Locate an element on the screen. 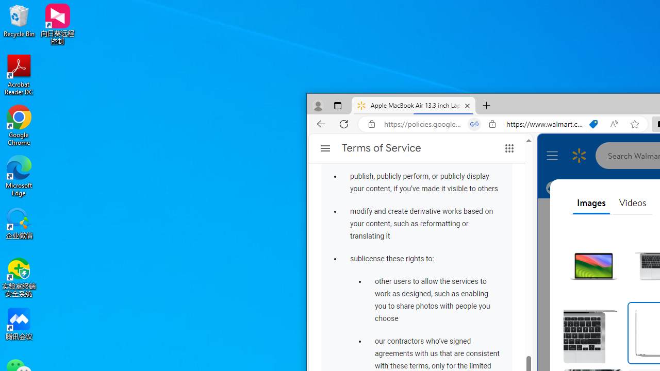  'Videos' is located at coordinates (632, 203).